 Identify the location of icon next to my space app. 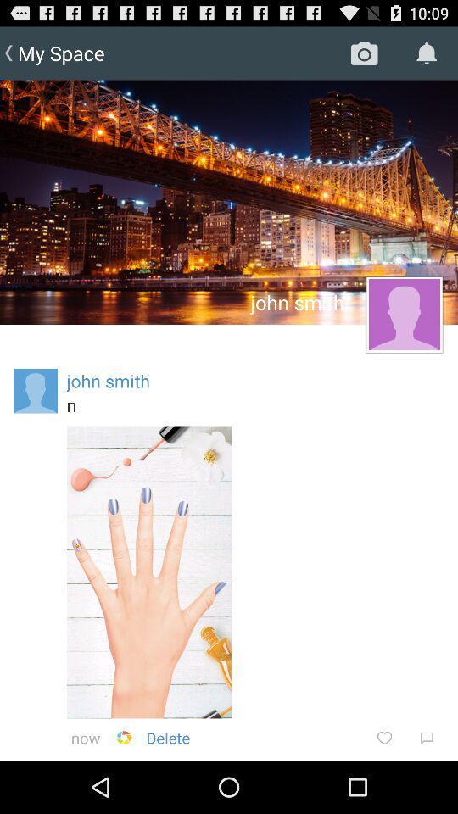
(363, 53).